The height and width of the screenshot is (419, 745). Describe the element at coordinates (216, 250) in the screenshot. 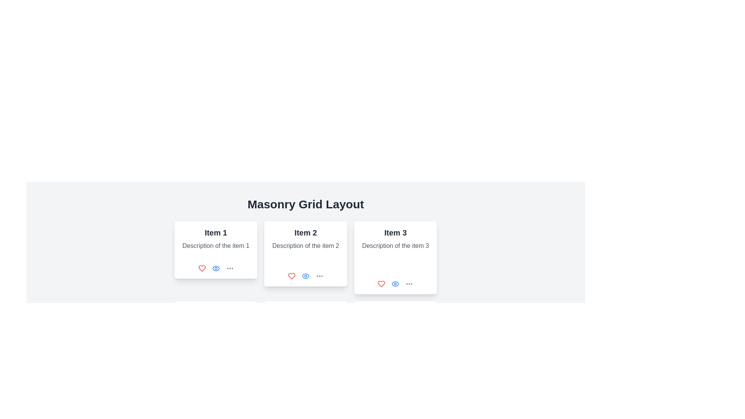

I see `the first card in the grid layout, which presents a title and description of an item` at that location.